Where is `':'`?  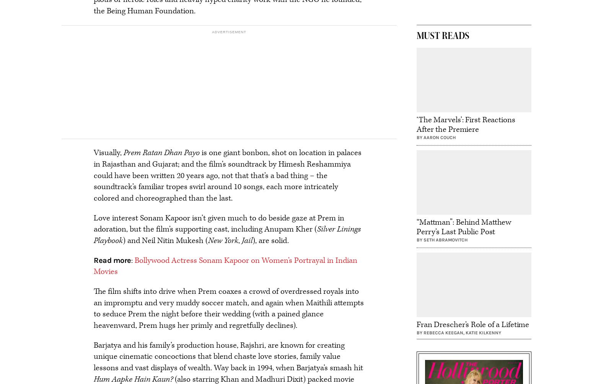 ':' is located at coordinates (130, 260).